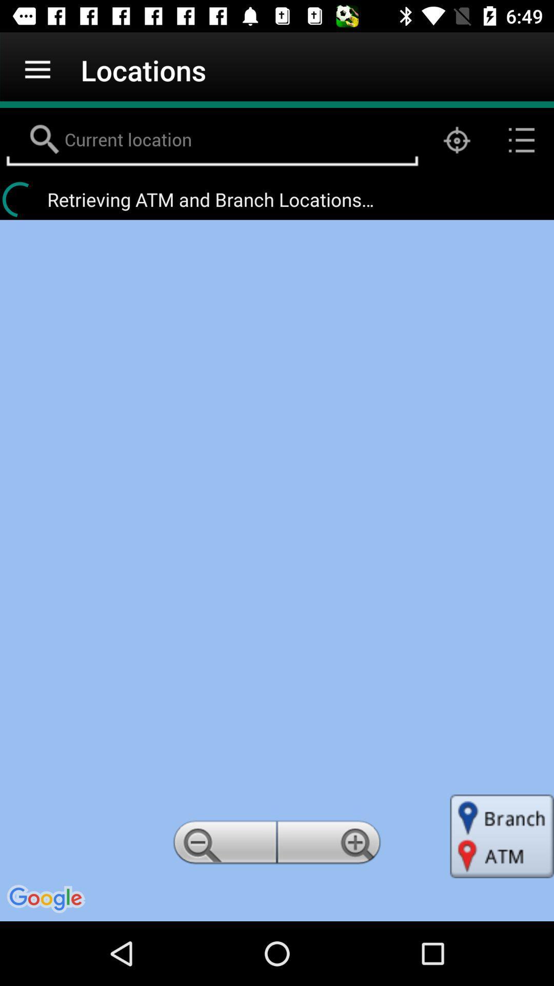  I want to click on icon below retrieving atm and item, so click(330, 845).